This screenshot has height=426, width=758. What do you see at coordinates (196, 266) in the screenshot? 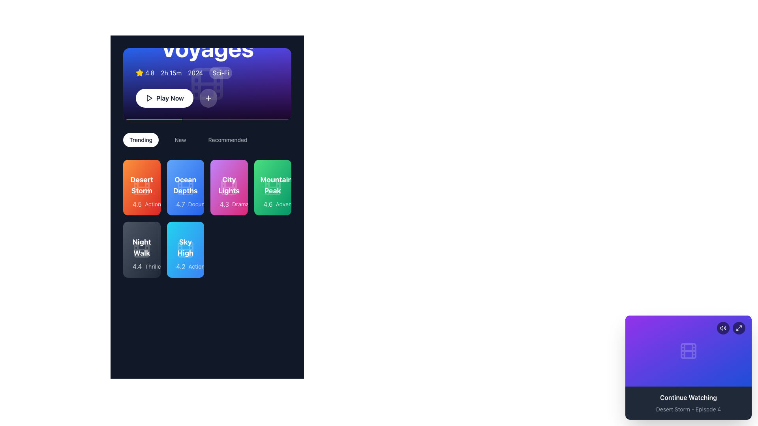
I see `text label displaying 'Action' located within the blue card labeled 'Sky High', positioned towards the bottom right of the card` at bounding box center [196, 266].